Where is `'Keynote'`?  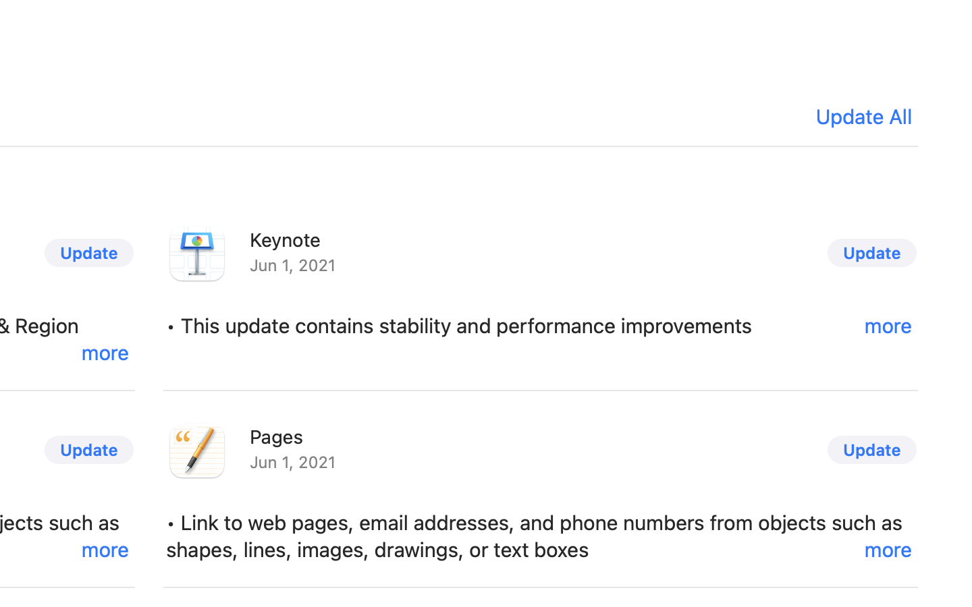
'Keynote' is located at coordinates (285, 239).